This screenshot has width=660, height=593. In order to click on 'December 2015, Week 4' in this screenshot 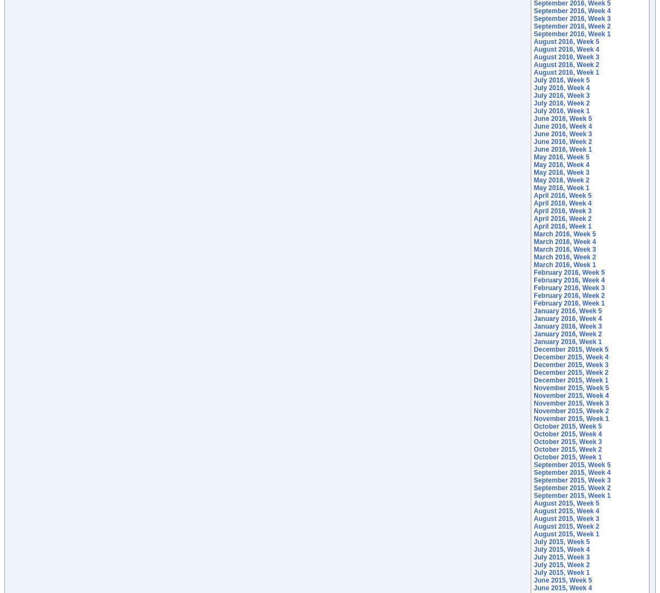, I will do `click(571, 356)`.